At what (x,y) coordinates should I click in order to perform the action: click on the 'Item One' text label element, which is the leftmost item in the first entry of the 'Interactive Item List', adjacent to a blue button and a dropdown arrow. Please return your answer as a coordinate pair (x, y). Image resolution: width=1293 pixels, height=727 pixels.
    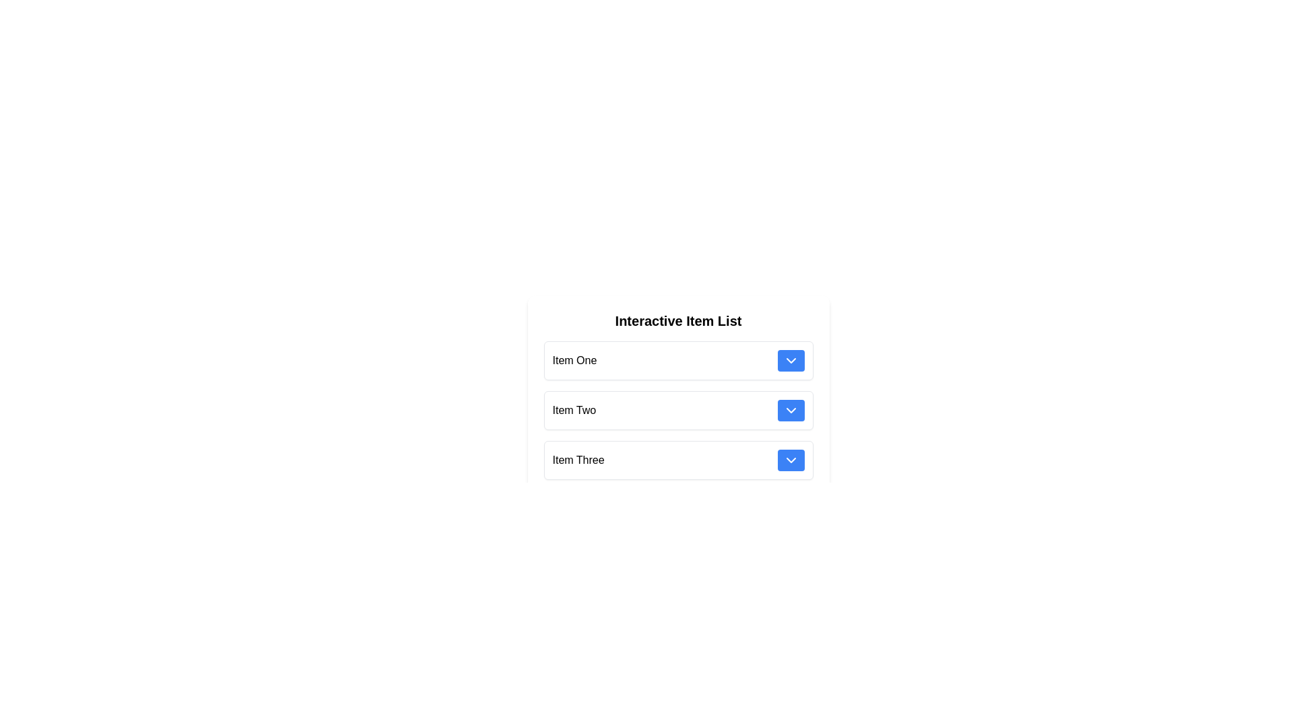
    Looking at the image, I should click on (574, 360).